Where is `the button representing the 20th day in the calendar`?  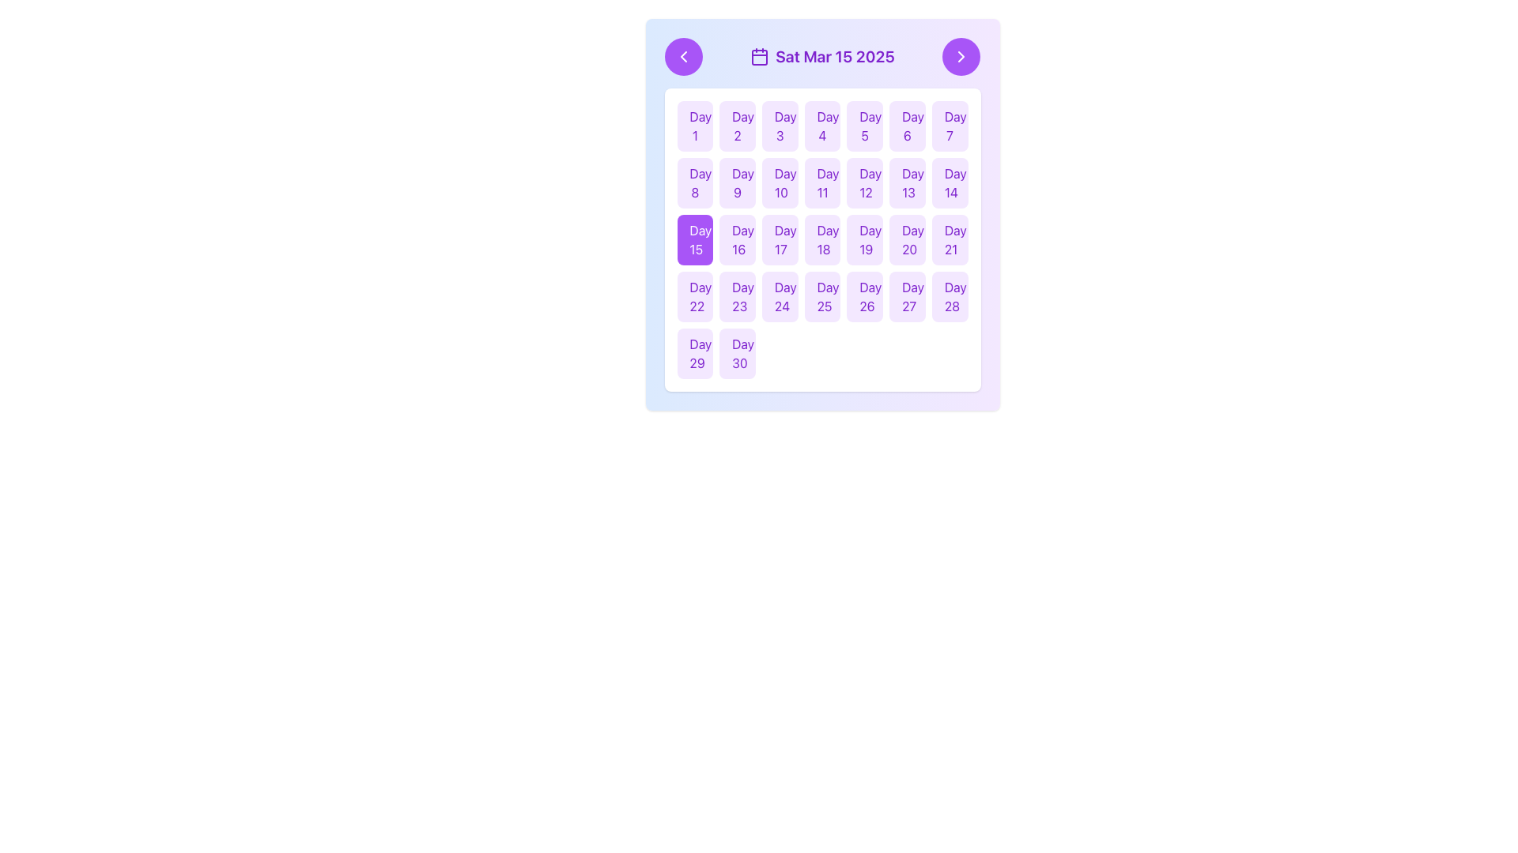
the button representing the 20th day in the calendar is located at coordinates (907, 240).